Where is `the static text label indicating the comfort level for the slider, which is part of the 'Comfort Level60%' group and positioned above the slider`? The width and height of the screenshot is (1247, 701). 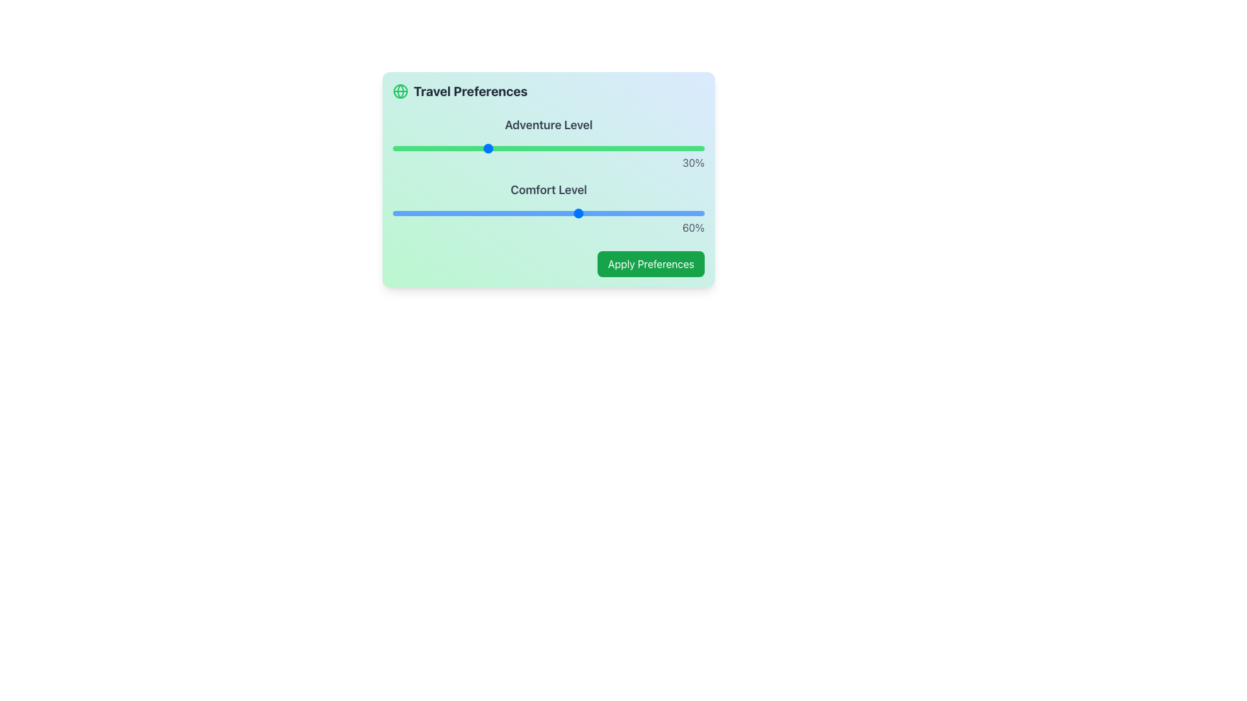
the static text label indicating the comfort level for the slider, which is part of the 'Comfort Level60%' group and positioned above the slider is located at coordinates (548, 190).